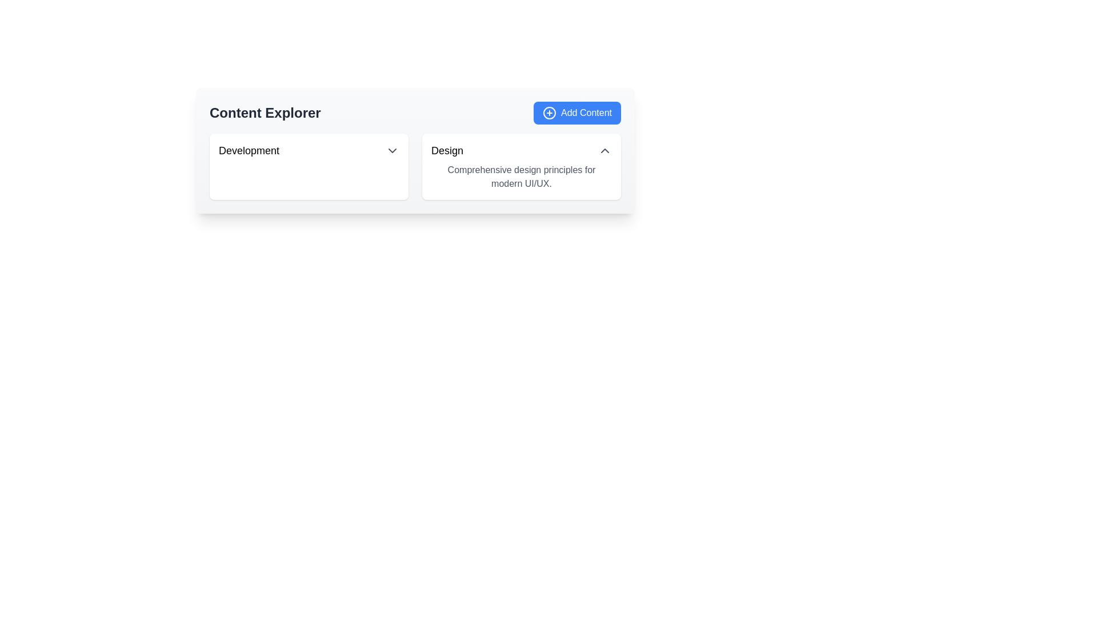 Image resolution: width=1097 pixels, height=617 pixels. Describe the element at coordinates (577, 113) in the screenshot. I see `the rectangular button labeled 'Add Content' with a blue background and a plus icon to change its background color to a lighter blue` at that location.